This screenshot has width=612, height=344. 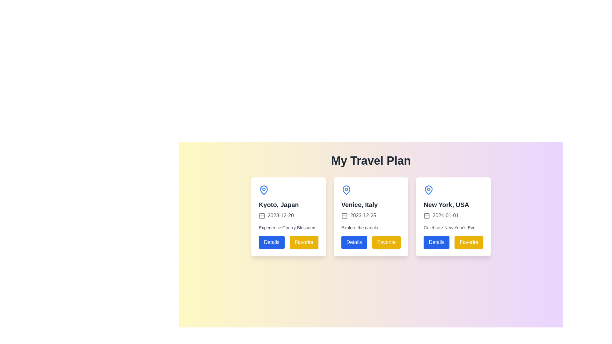 What do you see at coordinates (359, 215) in the screenshot?
I see `the date element in the second card representing 'Venice, Italy', which is located immediately below the location name` at bounding box center [359, 215].